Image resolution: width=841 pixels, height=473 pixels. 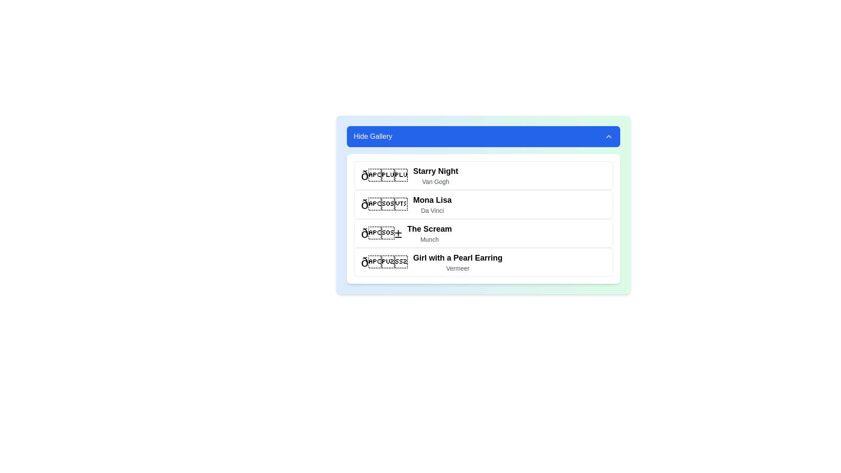 I want to click on the Text Label with Icon for 'Girl with a Pearl Earring', so click(x=431, y=261).